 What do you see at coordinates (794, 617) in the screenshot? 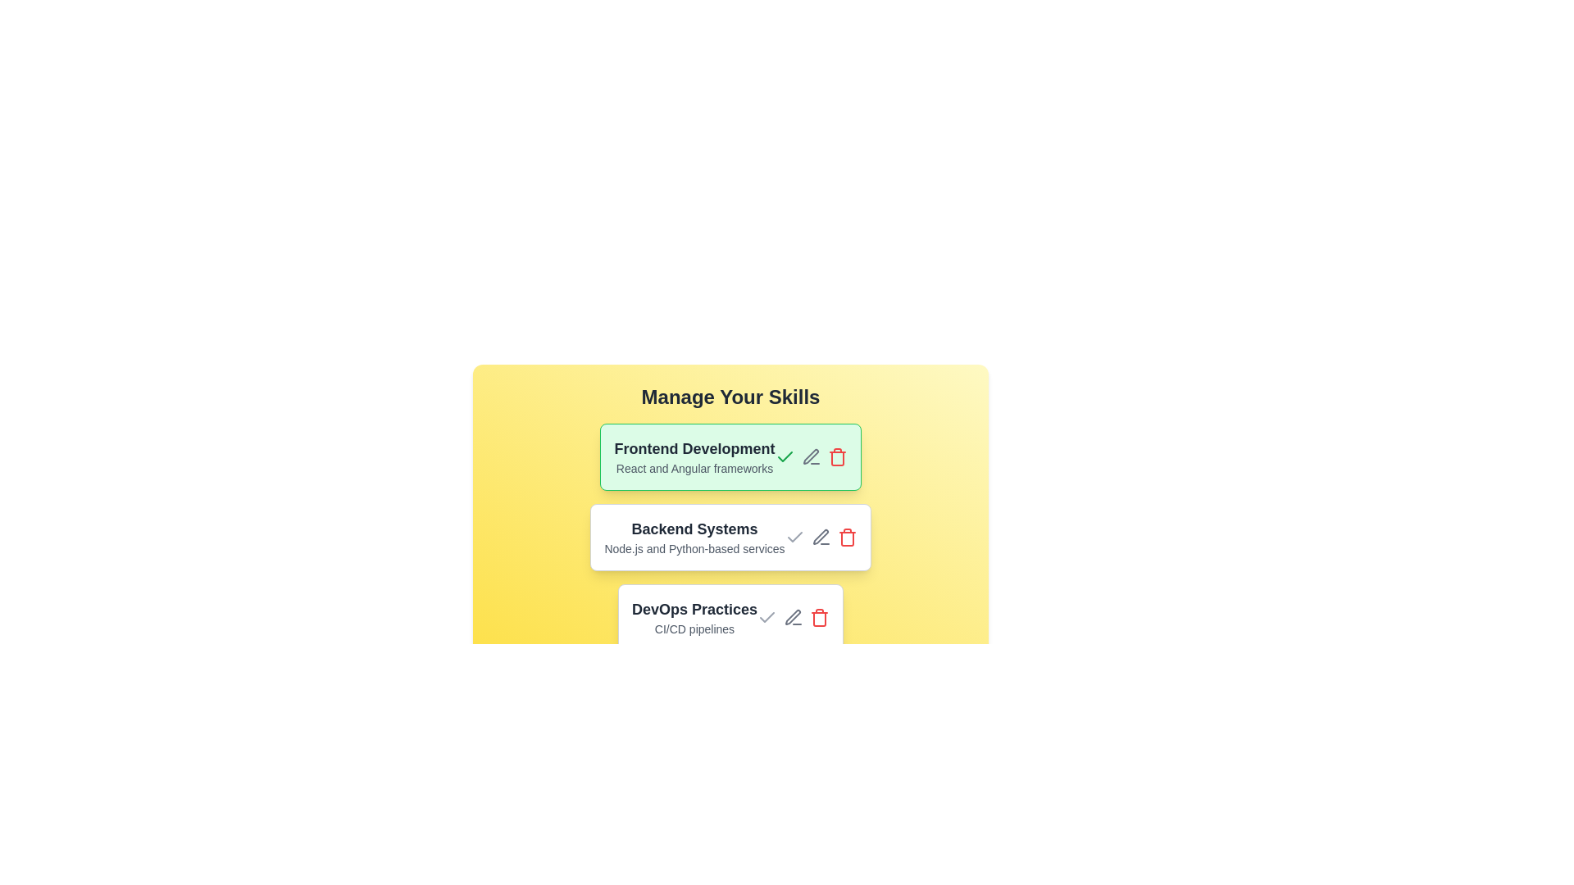
I see `the edit icon for the item labeled 'DevOps Practices'` at bounding box center [794, 617].